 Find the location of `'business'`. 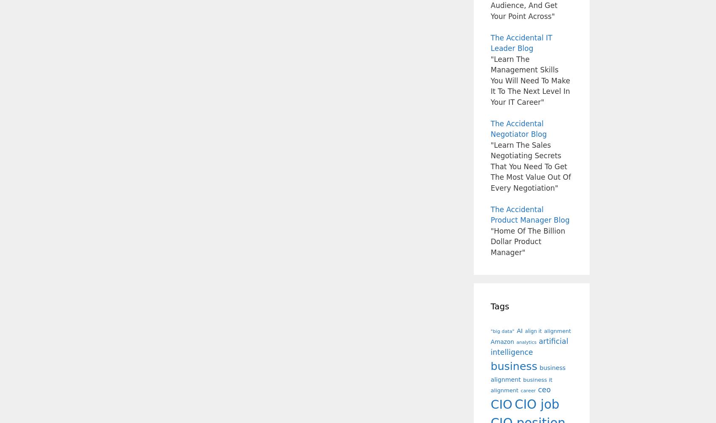

'business' is located at coordinates (491, 365).